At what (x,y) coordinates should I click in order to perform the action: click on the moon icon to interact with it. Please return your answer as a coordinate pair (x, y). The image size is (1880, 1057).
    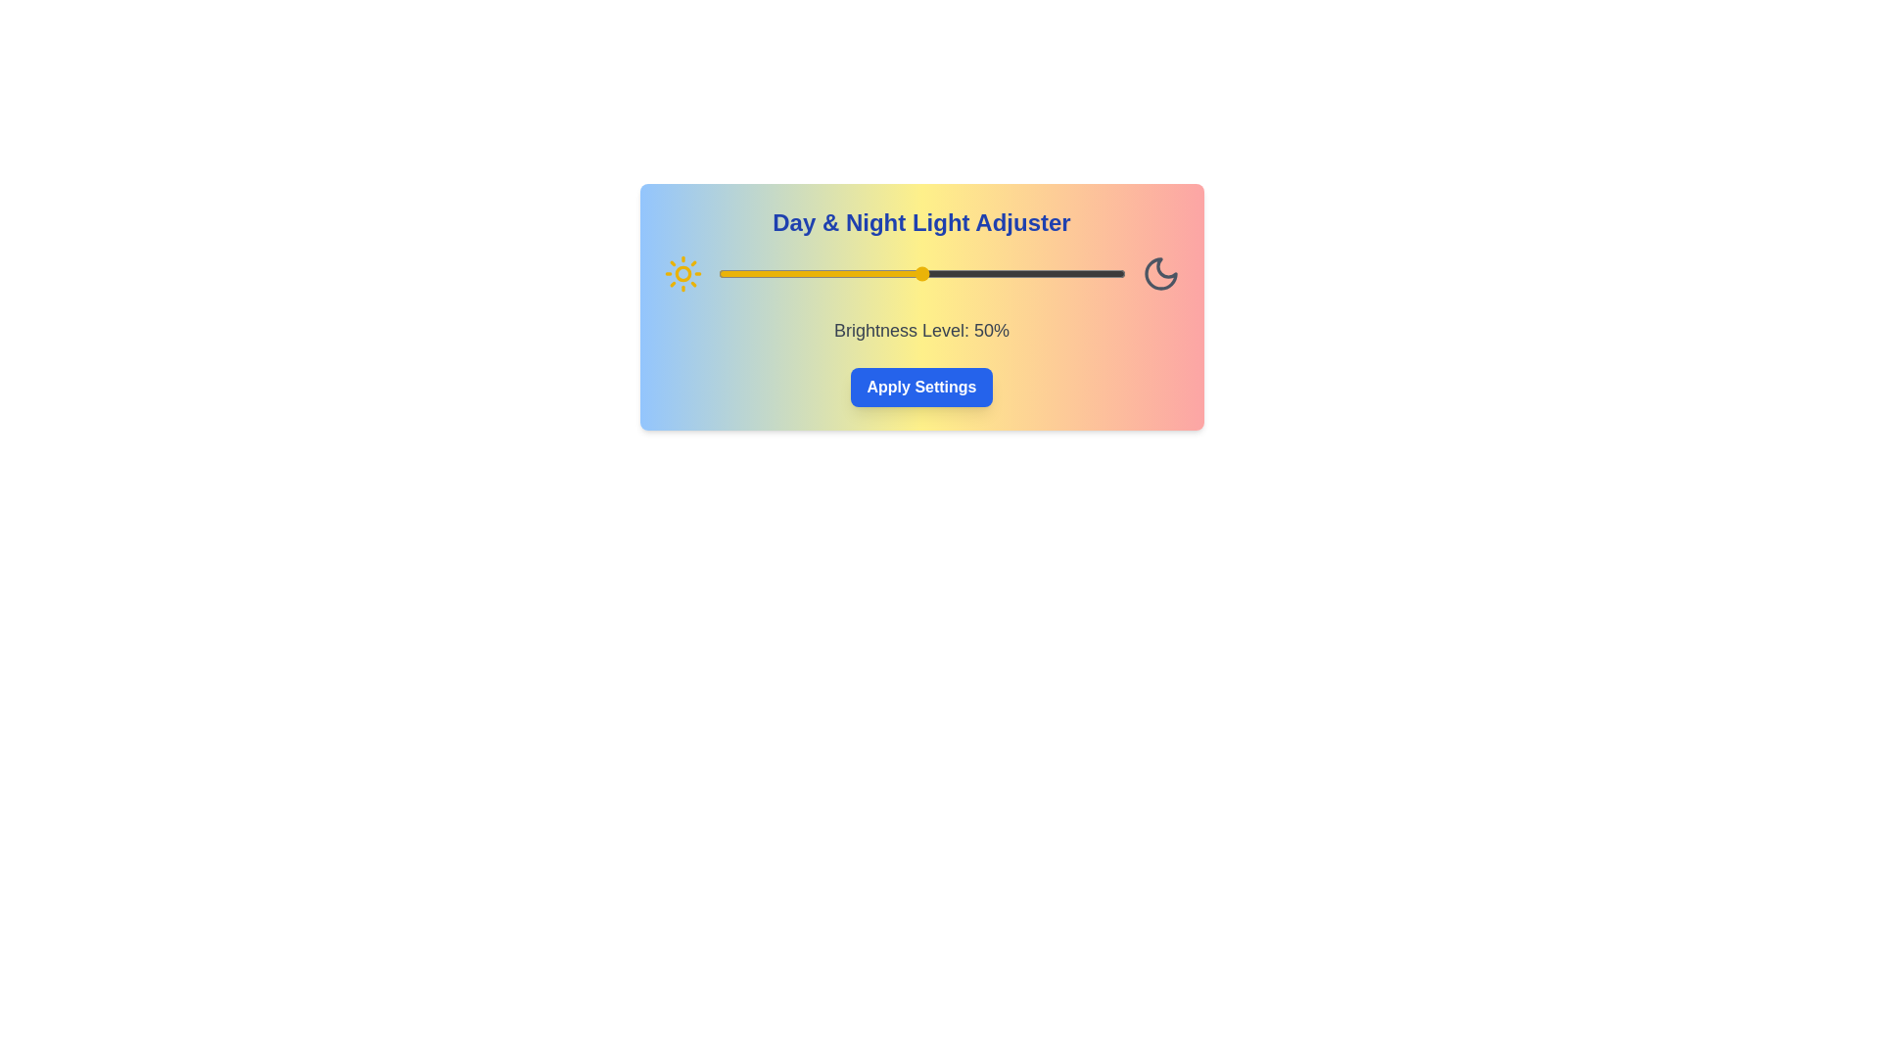
    Looking at the image, I should click on (1160, 274).